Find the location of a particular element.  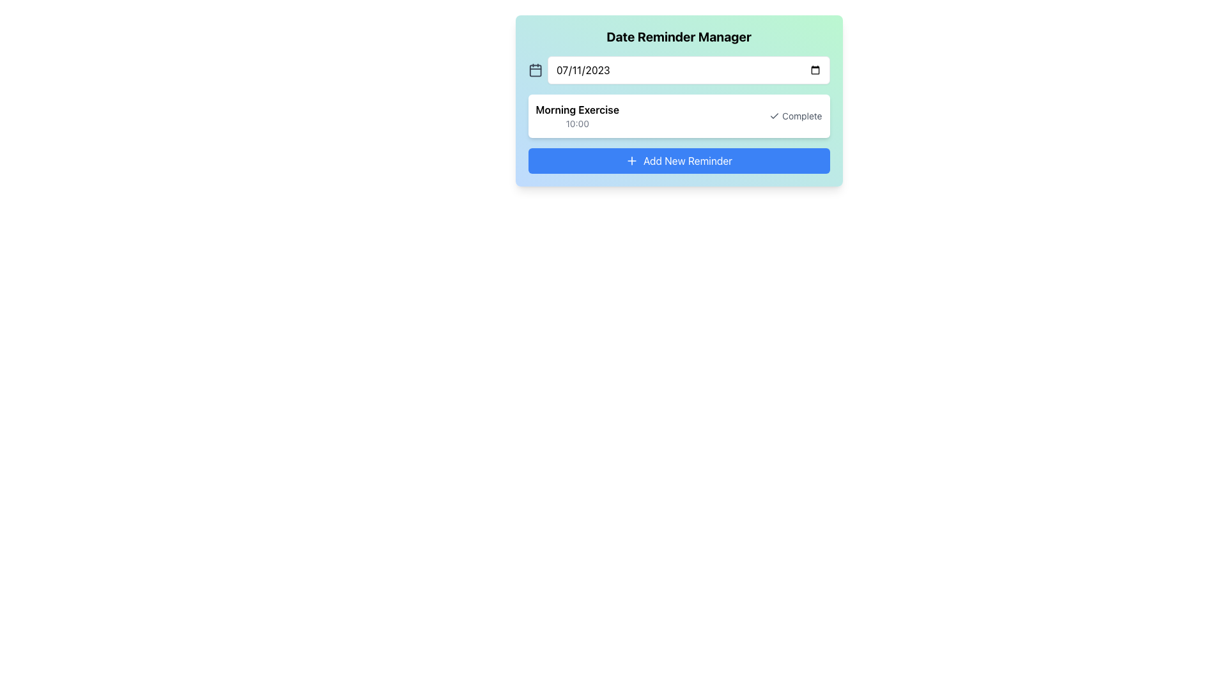

the text block displaying 'Morning Exercise' and '10:00', which is located below the date input section labeled '07/11/2023' is located at coordinates (576, 116).